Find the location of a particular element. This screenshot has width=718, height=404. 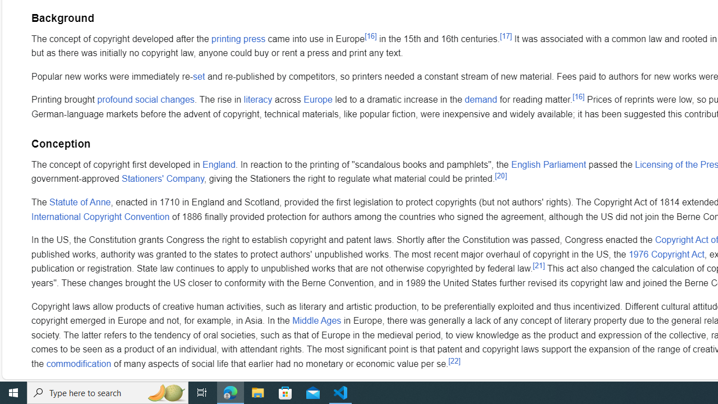

'[20]' is located at coordinates (500, 176).